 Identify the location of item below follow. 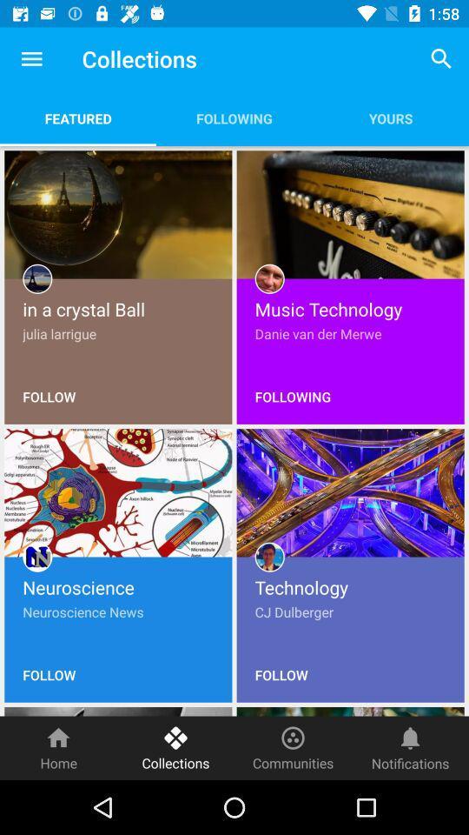
(58, 747).